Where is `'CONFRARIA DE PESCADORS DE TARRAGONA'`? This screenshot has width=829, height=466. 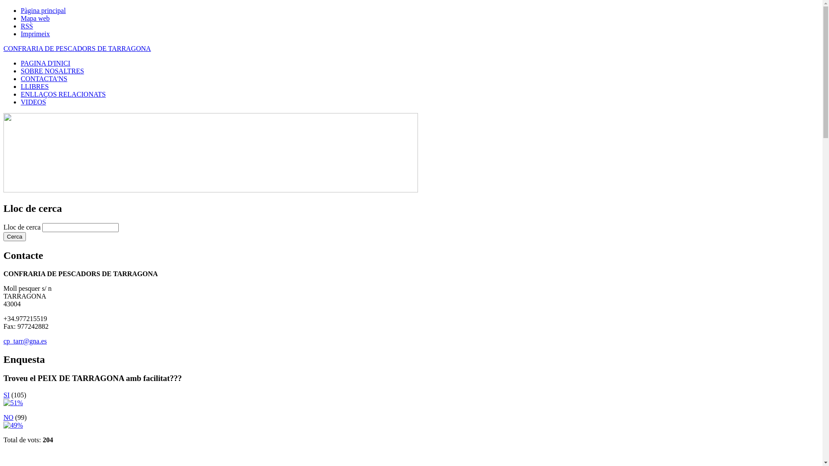 'CONFRARIA DE PESCADORS DE TARRAGONA' is located at coordinates (77, 48).